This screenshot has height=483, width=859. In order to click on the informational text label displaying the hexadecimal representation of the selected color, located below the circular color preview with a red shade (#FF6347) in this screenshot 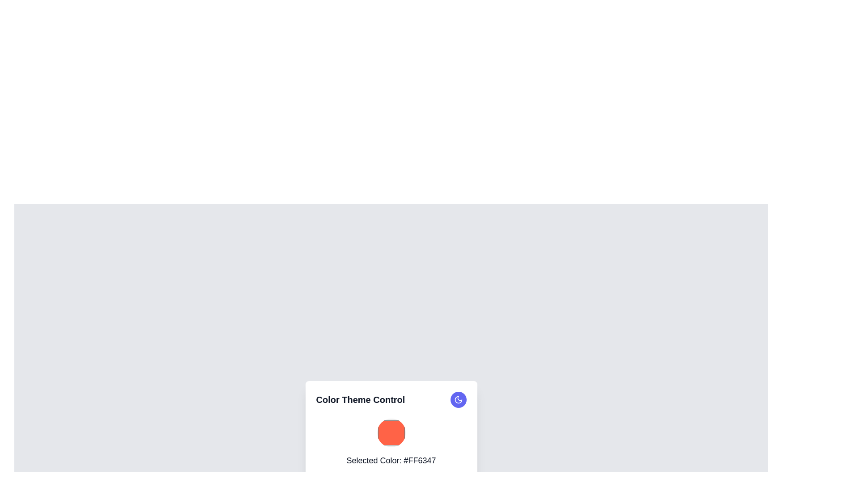, I will do `click(391, 460)`.